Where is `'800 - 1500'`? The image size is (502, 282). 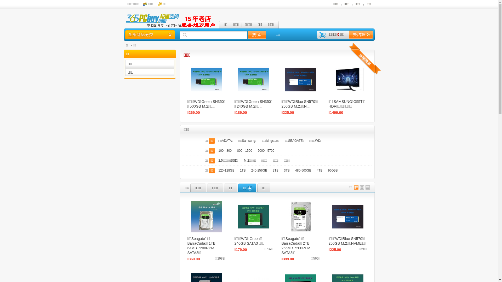 '800 - 1500' is located at coordinates (244, 151).